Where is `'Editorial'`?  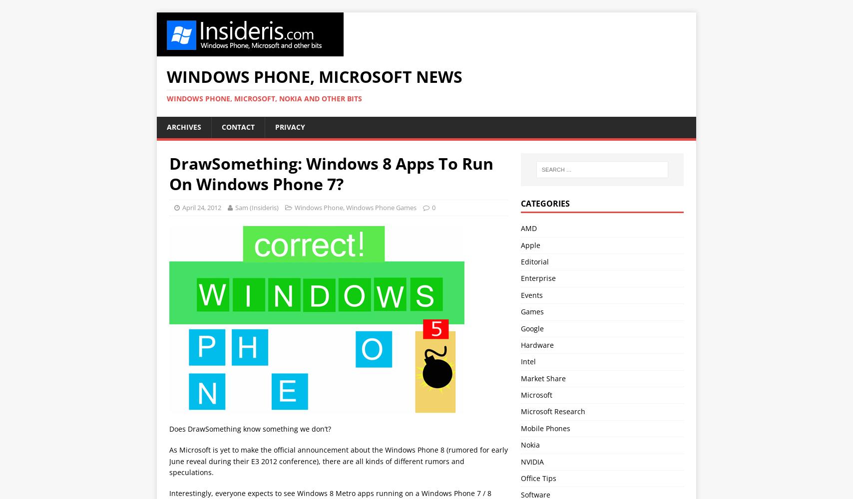 'Editorial' is located at coordinates (534, 261).